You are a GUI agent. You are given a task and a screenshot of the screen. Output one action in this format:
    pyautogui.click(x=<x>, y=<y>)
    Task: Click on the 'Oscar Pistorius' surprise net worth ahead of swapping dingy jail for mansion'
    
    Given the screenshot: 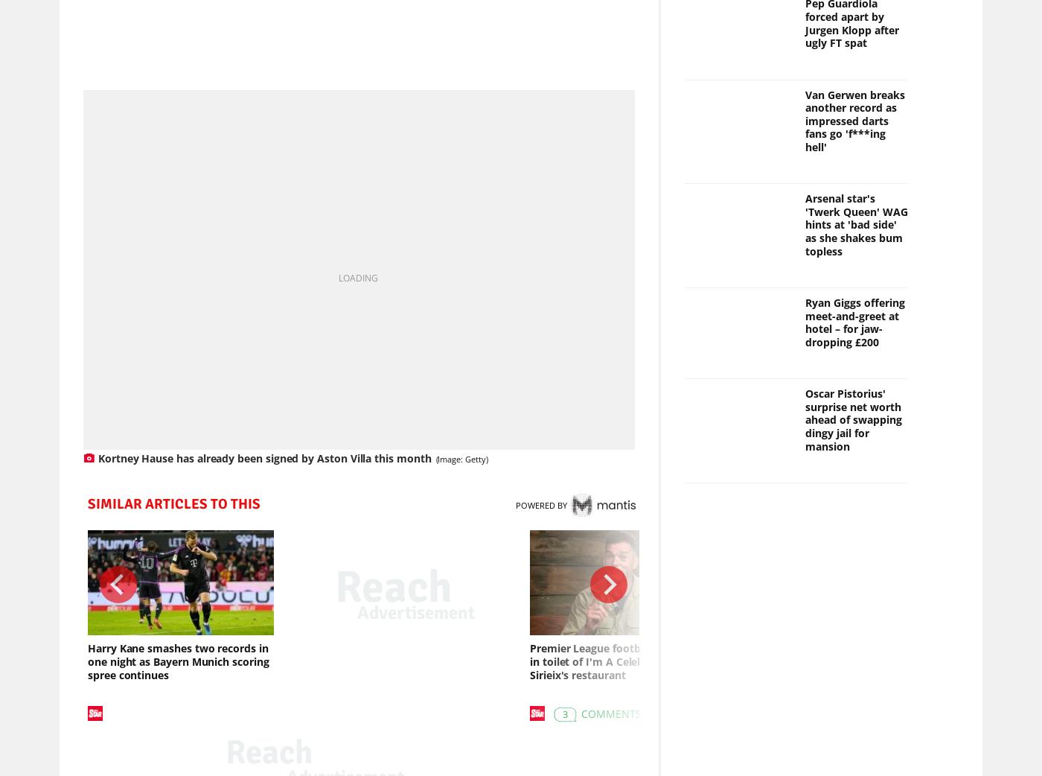 What is the action you would take?
    pyautogui.click(x=853, y=421)
    